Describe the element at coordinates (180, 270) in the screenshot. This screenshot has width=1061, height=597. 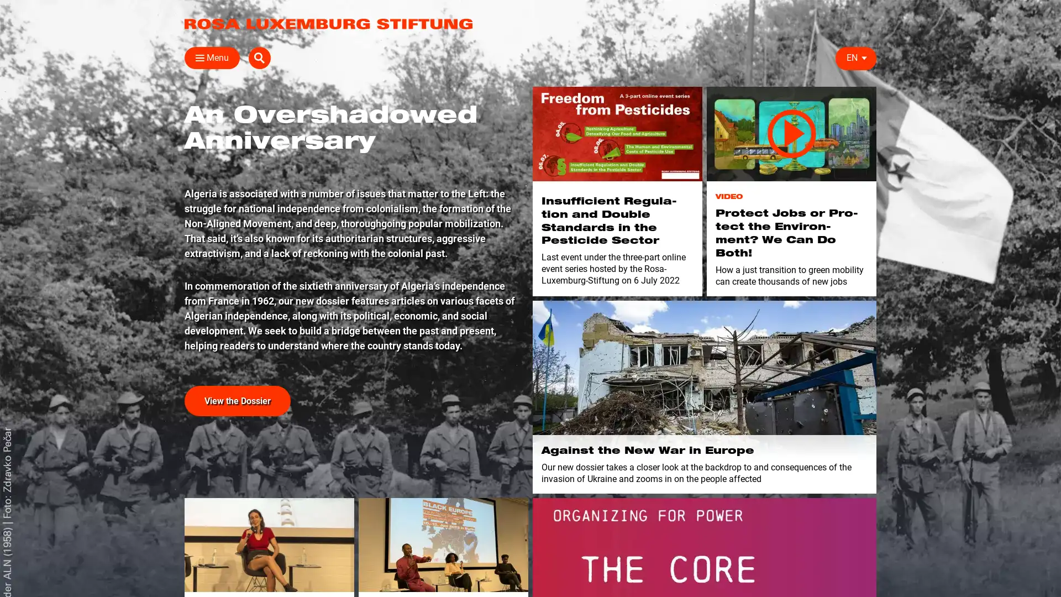
I see `Show more / less` at that location.